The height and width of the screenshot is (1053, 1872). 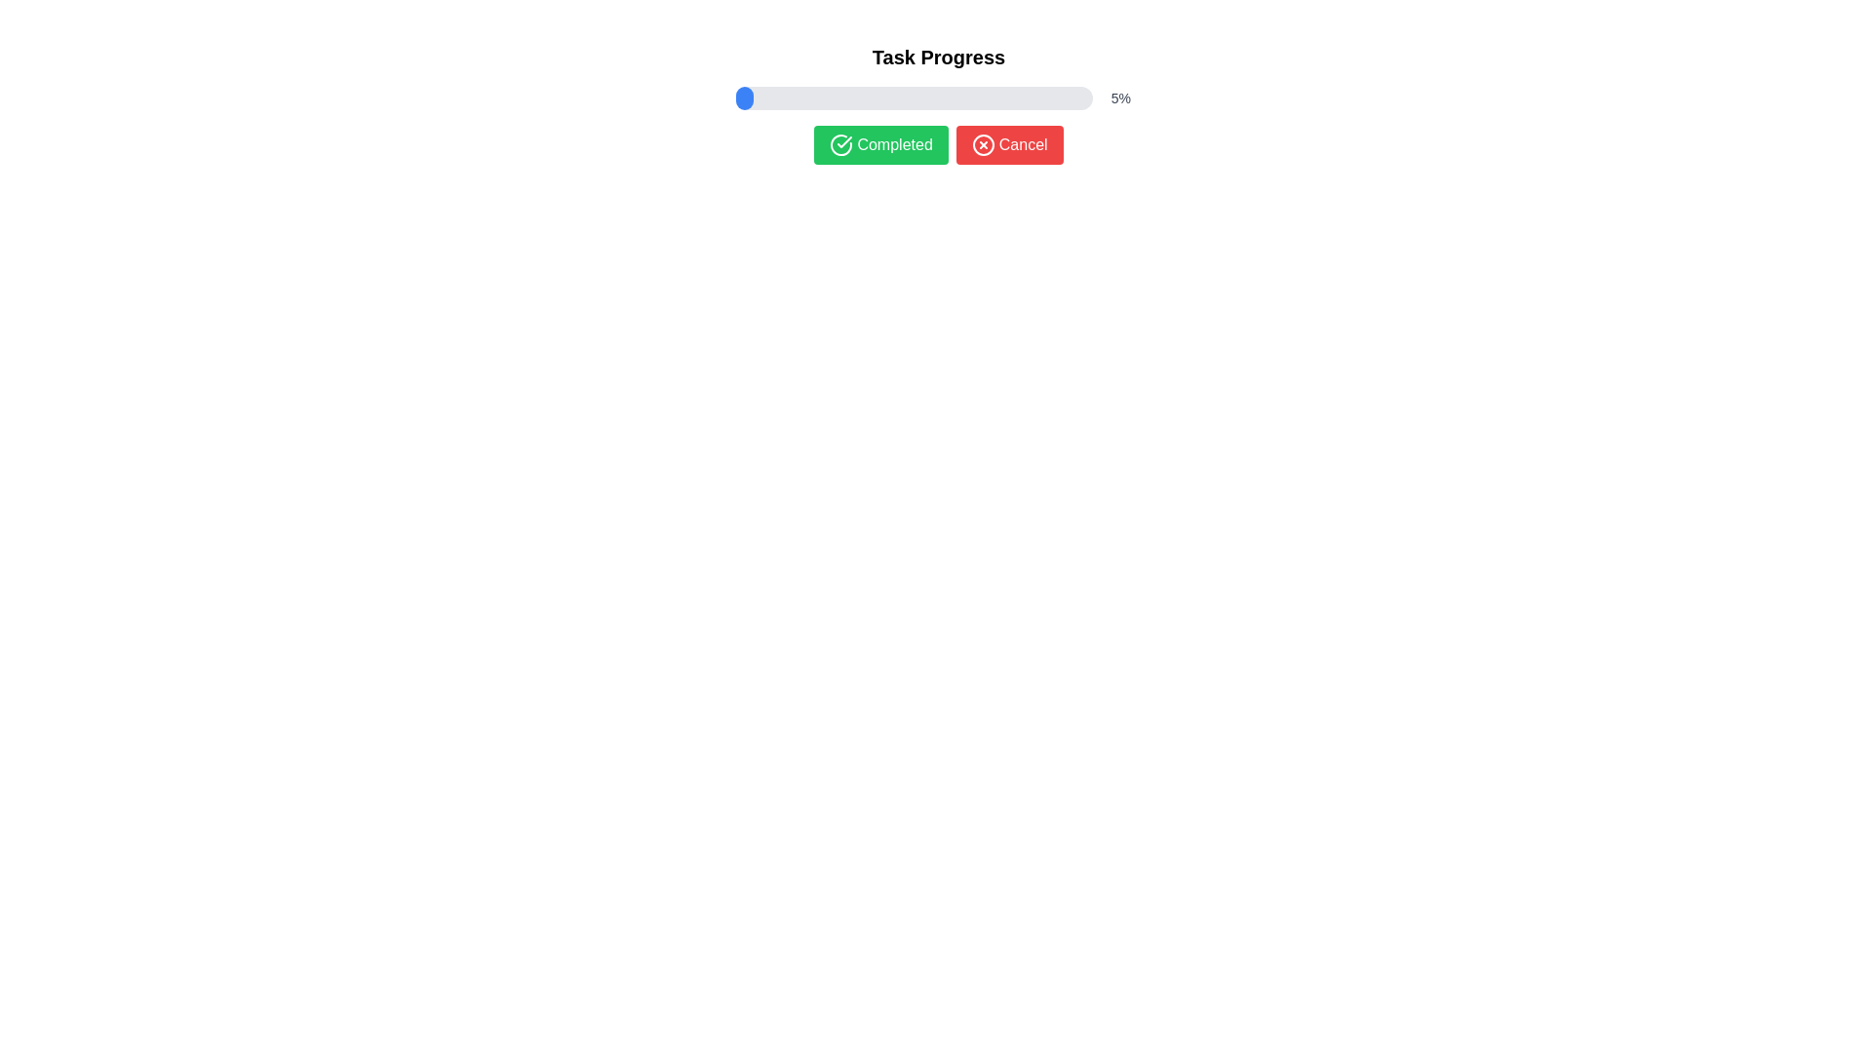 I want to click on the green 'Completed' button in the horizontal button group to mark the task as completed, so click(x=939, y=144).